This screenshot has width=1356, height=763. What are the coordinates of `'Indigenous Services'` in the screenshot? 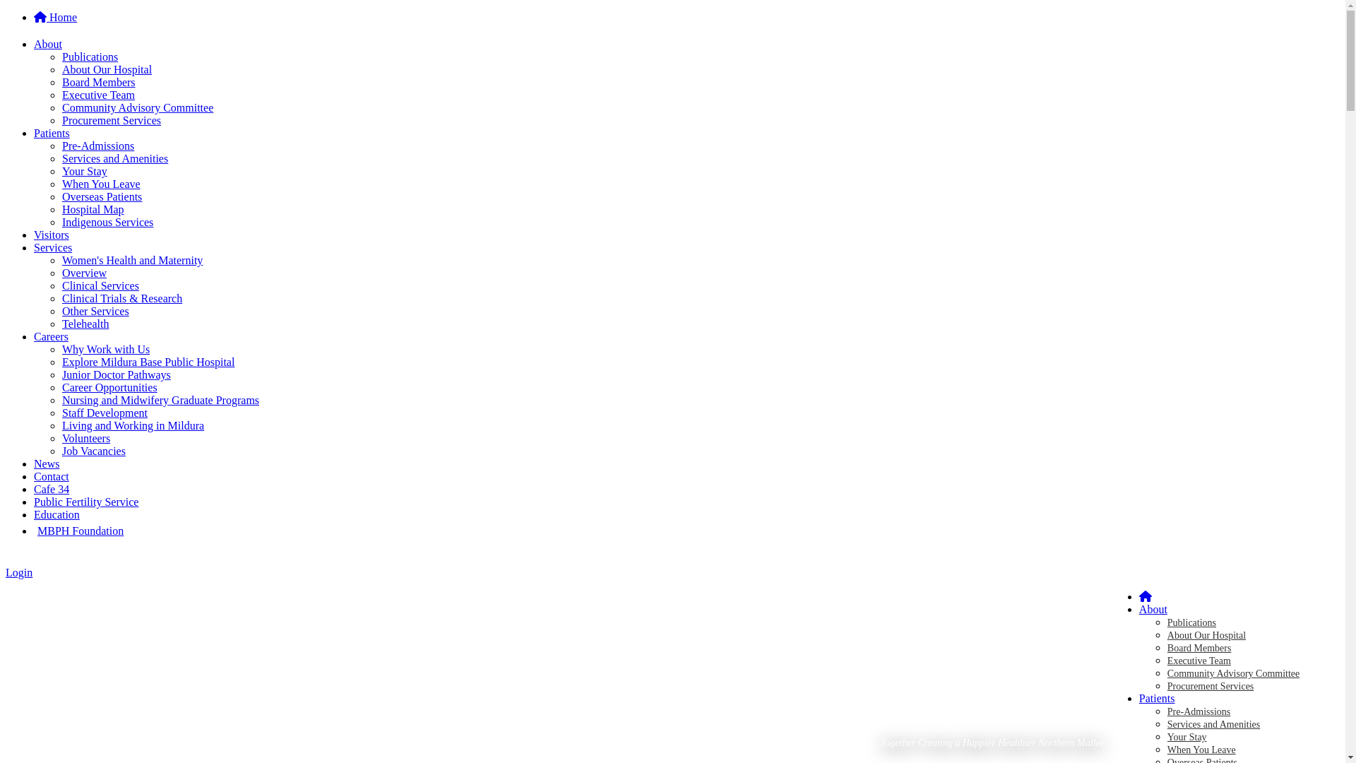 It's located at (61, 222).